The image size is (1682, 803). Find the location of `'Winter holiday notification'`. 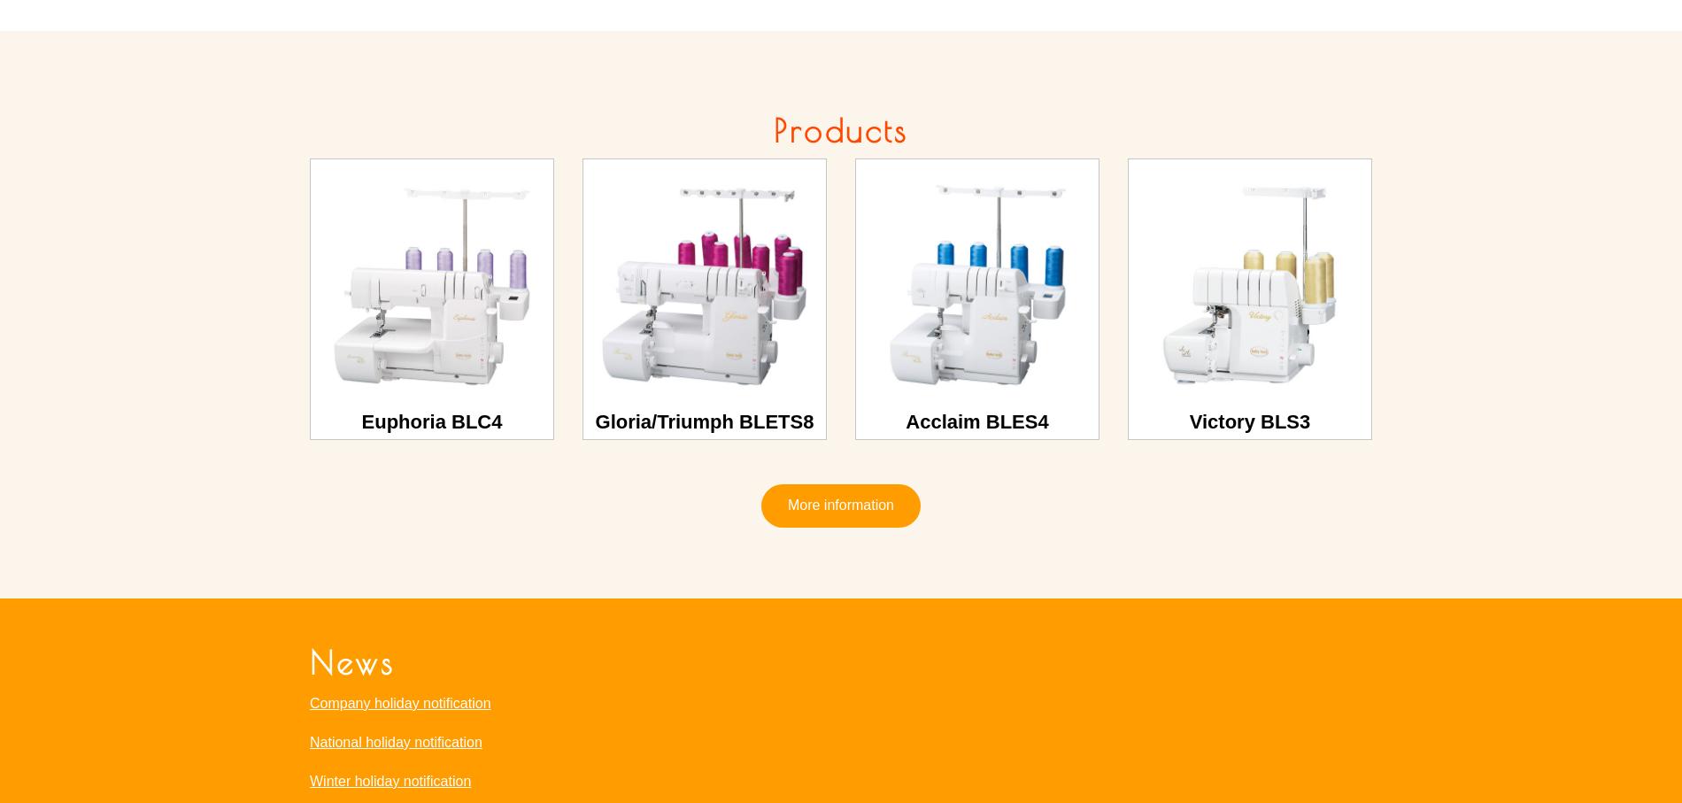

'Winter holiday notification' is located at coordinates (389, 780).